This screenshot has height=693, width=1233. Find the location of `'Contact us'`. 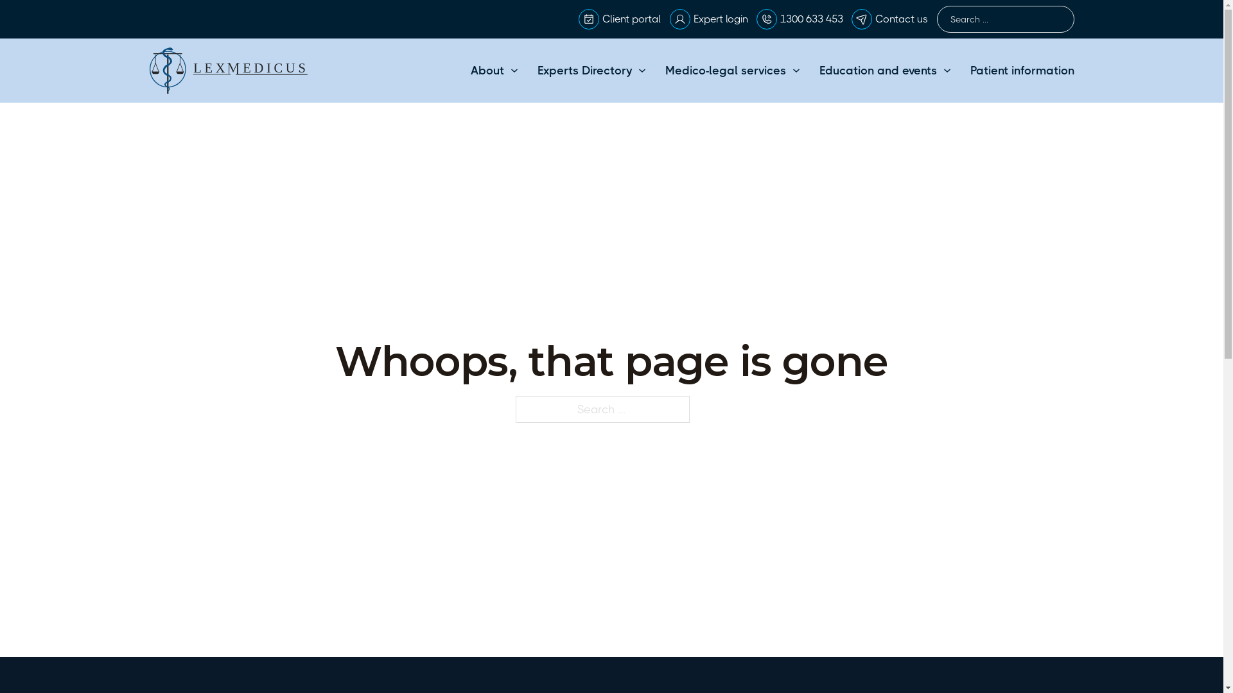

'Contact us' is located at coordinates (875, 19).